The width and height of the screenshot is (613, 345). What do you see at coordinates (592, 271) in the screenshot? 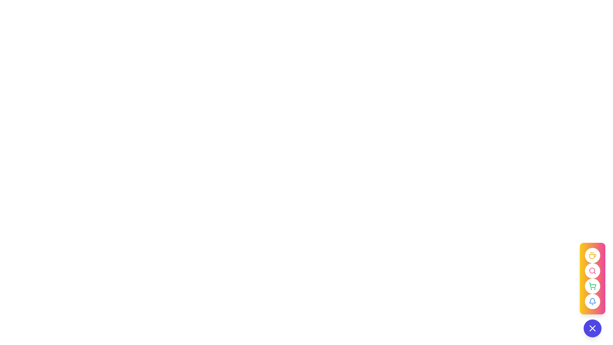
I see `the circular SVG element that serves as a visual feedback indicator, located in the second position from the top of the vertical toolbar` at bounding box center [592, 271].